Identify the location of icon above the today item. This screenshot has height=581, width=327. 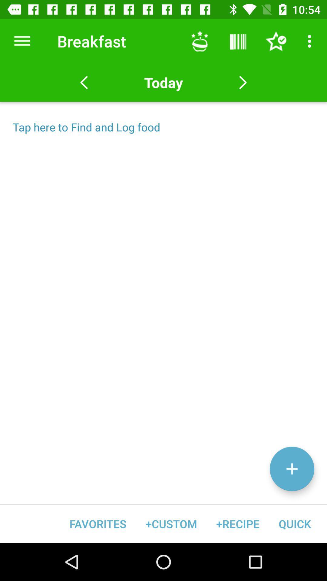
(200, 41).